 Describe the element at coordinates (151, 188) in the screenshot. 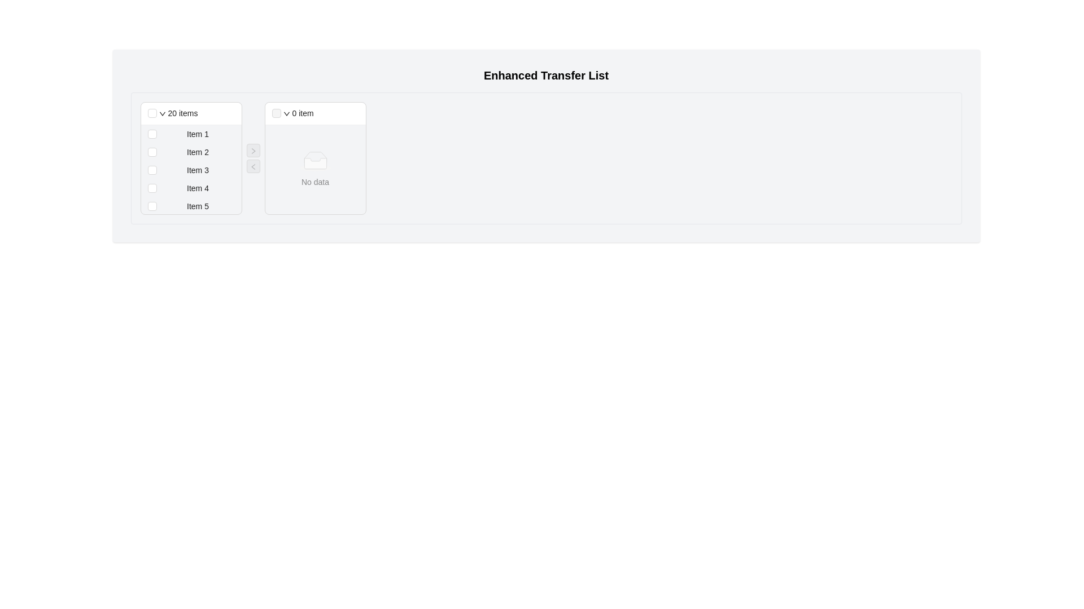

I see `the checkbox associated with 'Item 4' in the left transfer list` at that location.